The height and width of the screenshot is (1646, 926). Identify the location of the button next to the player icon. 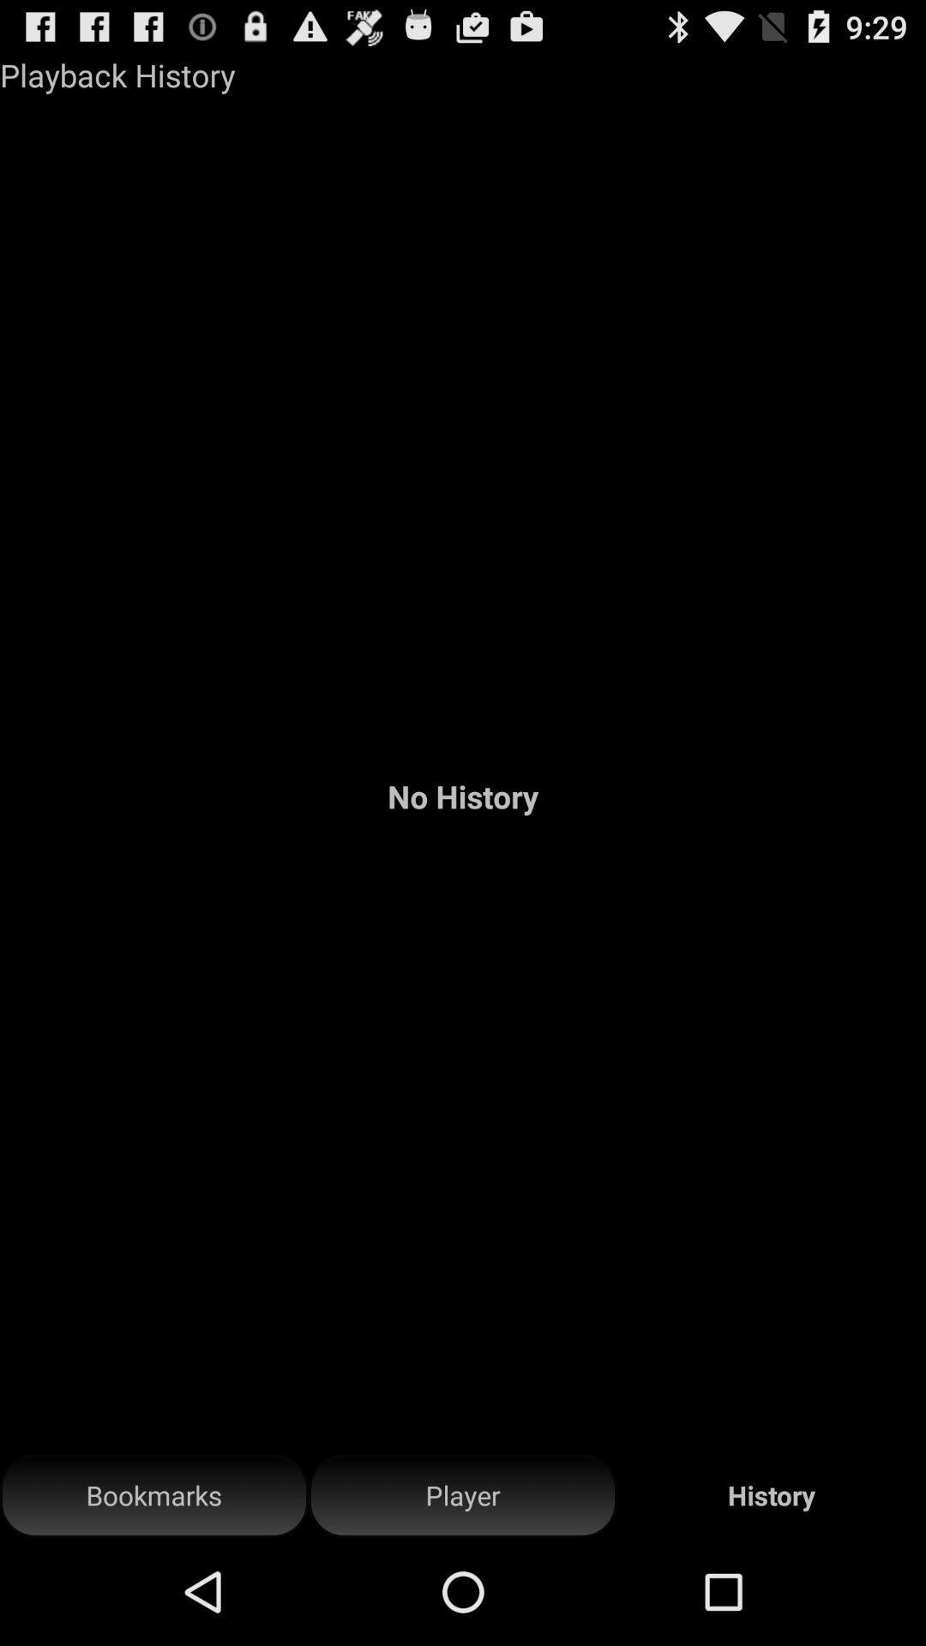
(154, 1495).